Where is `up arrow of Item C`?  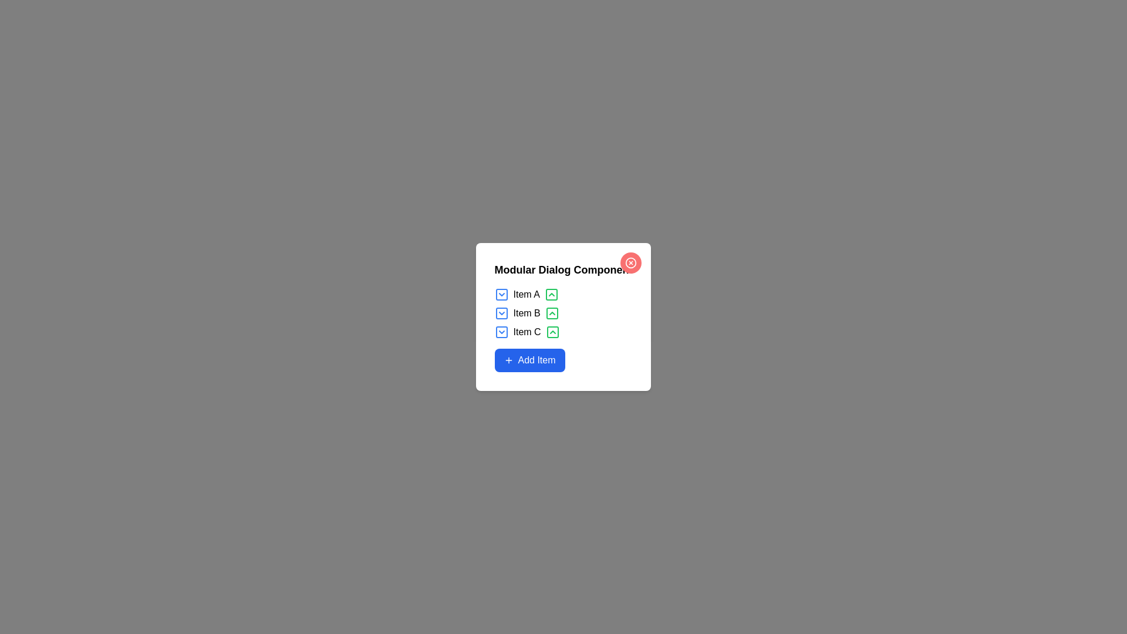 up arrow of Item C is located at coordinates (552, 332).